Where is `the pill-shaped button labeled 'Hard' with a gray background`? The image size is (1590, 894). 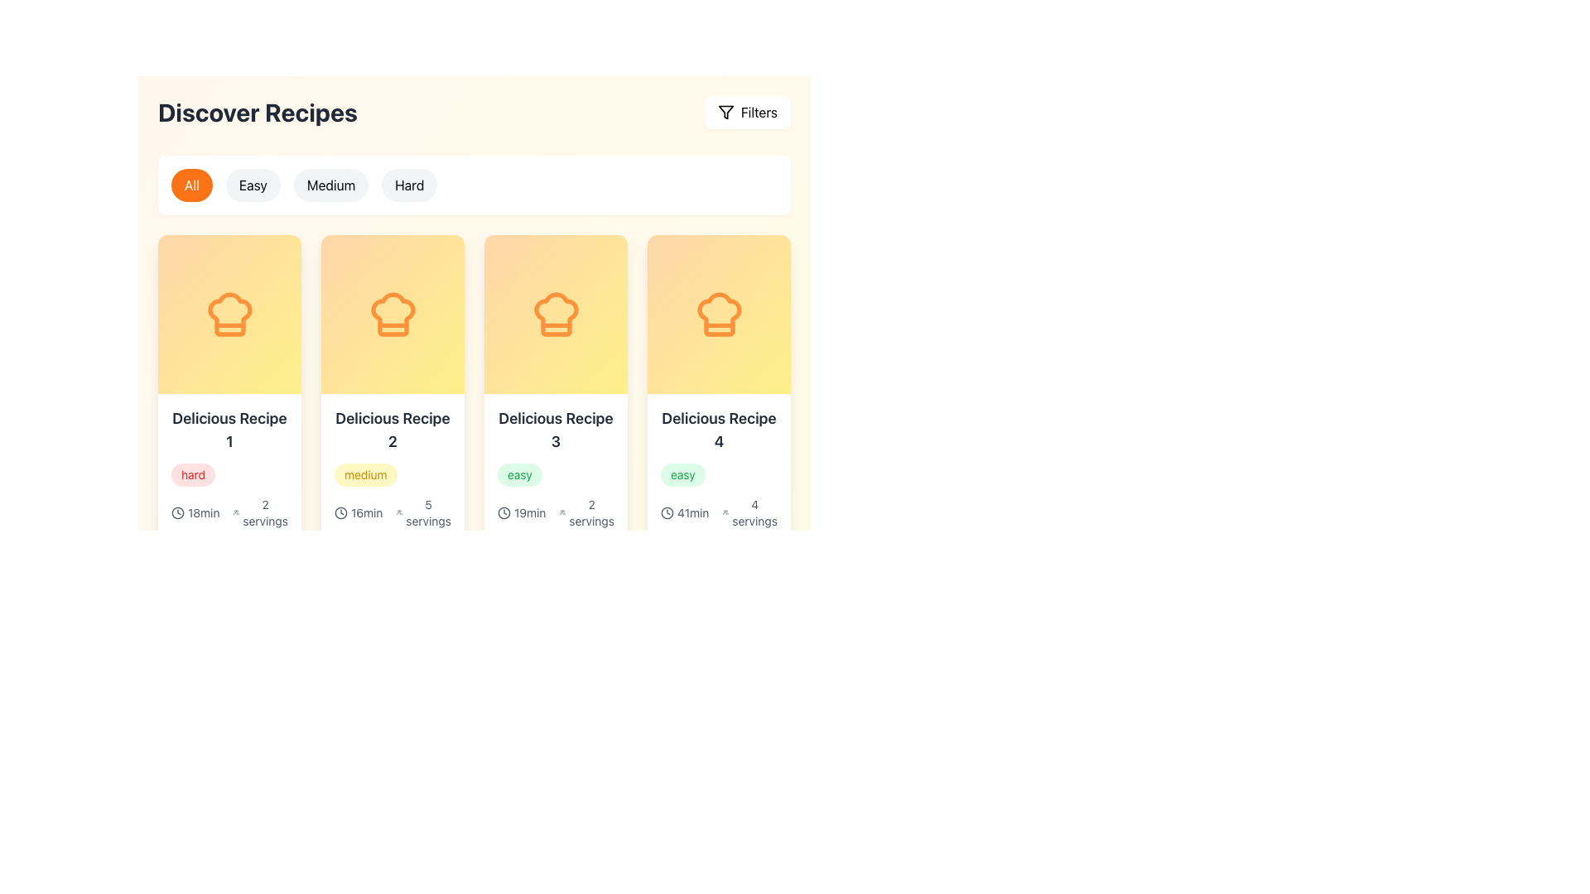
the pill-shaped button labeled 'Hard' with a gray background is located at coordinates (409, 185).